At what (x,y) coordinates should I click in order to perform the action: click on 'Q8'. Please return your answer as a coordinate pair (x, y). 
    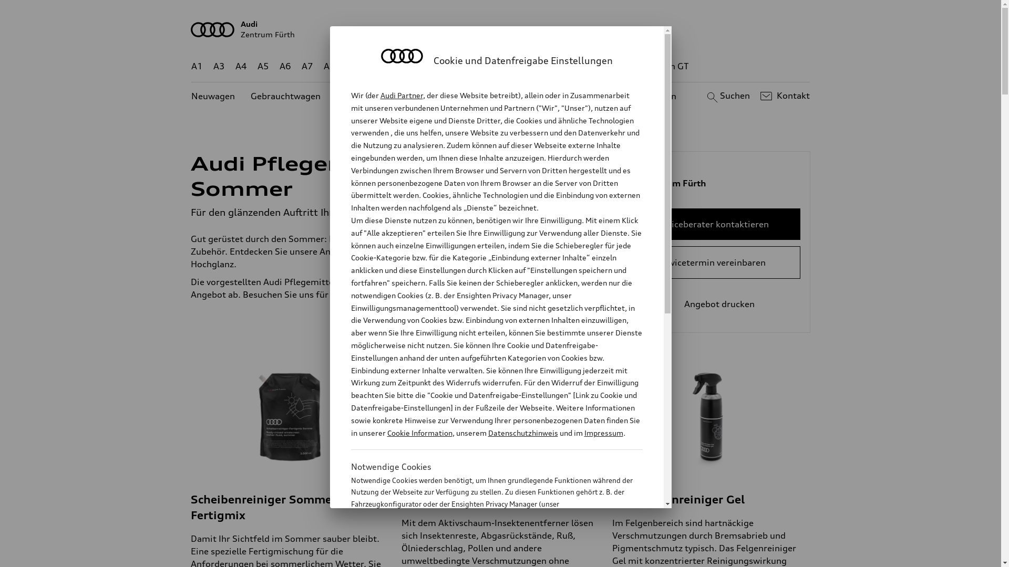
    Looking at the image, I should click on (486, 66).